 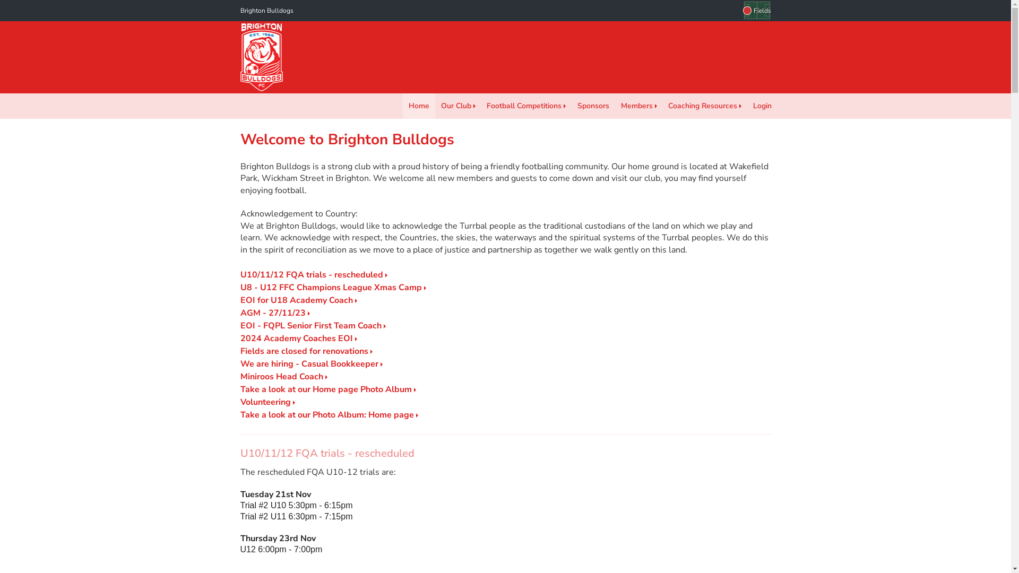 What do you see at coordinates (526, 106) in the screenshot?
I see `'Football Competitions'` at bounding box center [526, 106].